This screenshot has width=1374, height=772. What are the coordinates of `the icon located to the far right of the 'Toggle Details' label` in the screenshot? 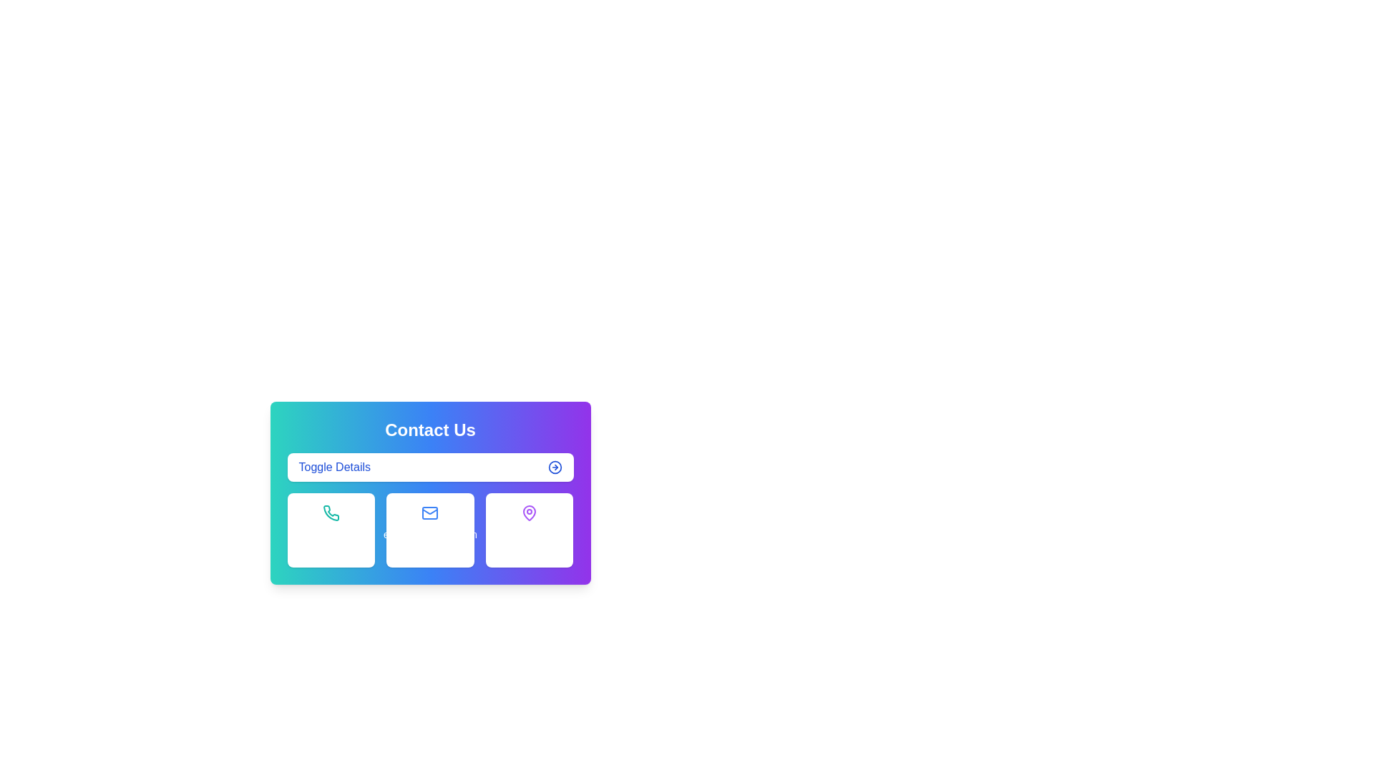 It's located at (554, 467).